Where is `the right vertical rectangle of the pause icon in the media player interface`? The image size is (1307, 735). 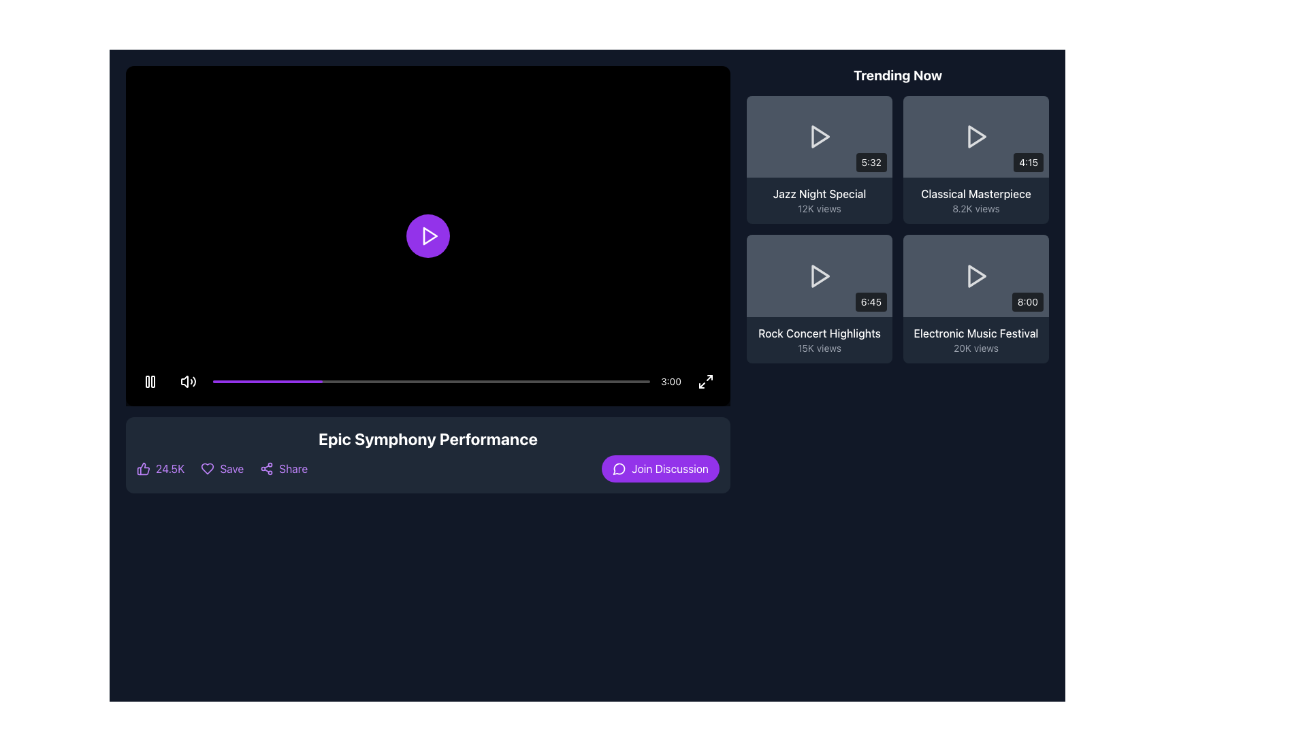 the right vertical rectangle of the pause icon in the media player interface is located at coordinates (153, 380).